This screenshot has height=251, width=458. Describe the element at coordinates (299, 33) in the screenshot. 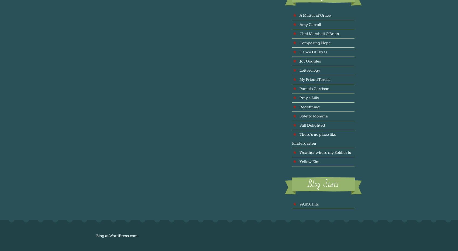

I see `'Chef Marshall O'Brien'` at that location.